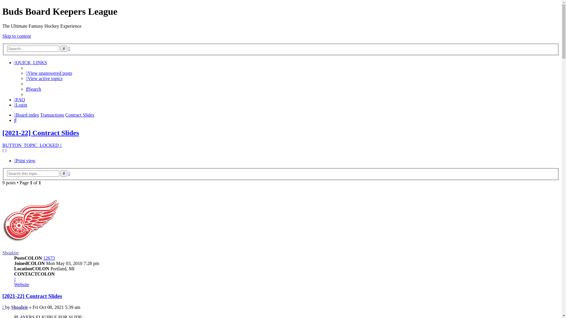 This screenshot has height=318, width=566. What do you see at coordinates (17, 36) in the screenshot?
I see `'Skip to content'` at bounding box center [17, 36].